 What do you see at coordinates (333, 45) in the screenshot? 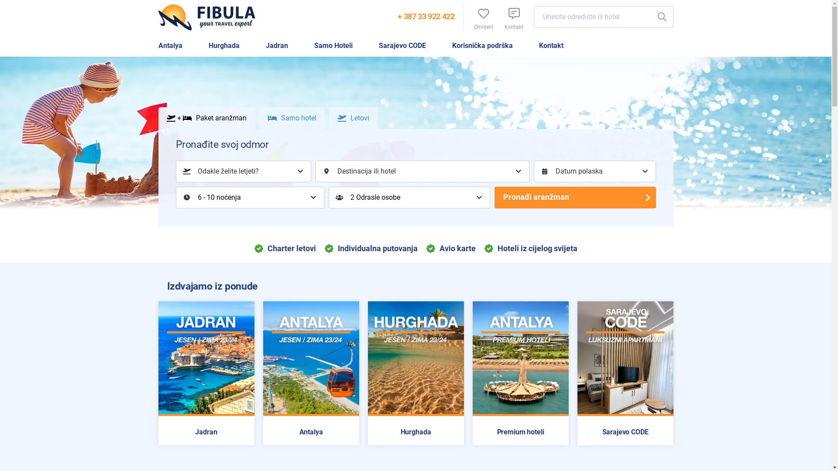
I see `'Samo Hoteli'` at bounding box center [333, 45].